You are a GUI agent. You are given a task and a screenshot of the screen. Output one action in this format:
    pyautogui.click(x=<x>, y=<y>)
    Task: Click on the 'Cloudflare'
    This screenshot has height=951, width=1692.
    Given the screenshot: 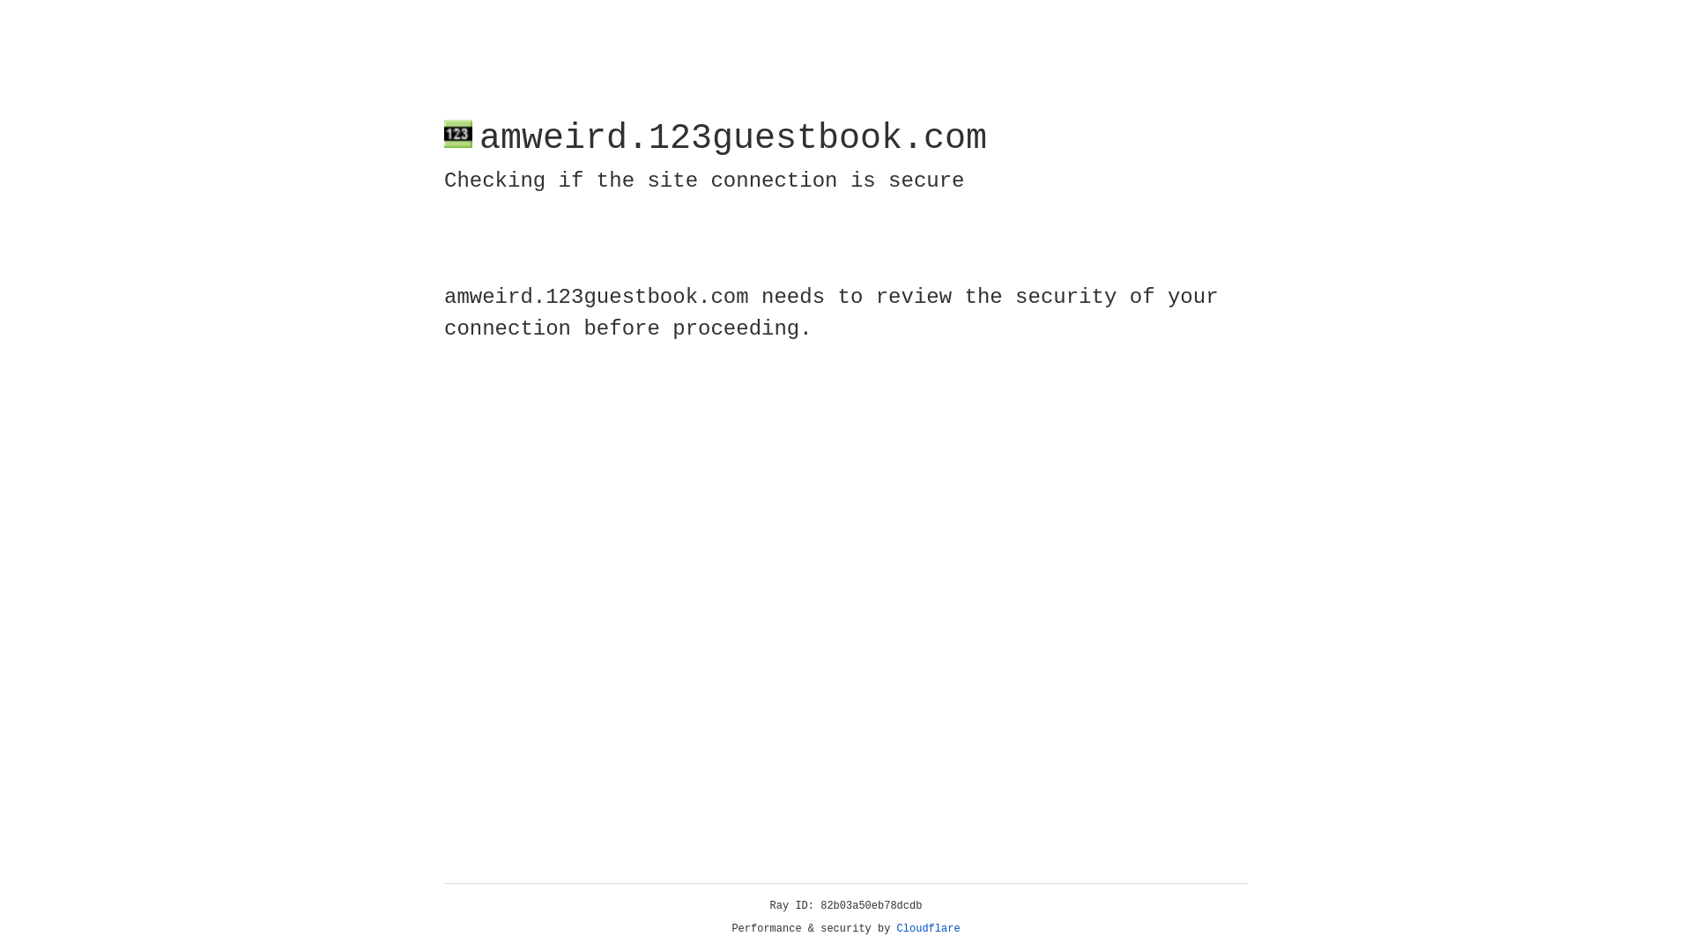 What is the action you would take?
    pyautogui.click(x=928, y=928)
    